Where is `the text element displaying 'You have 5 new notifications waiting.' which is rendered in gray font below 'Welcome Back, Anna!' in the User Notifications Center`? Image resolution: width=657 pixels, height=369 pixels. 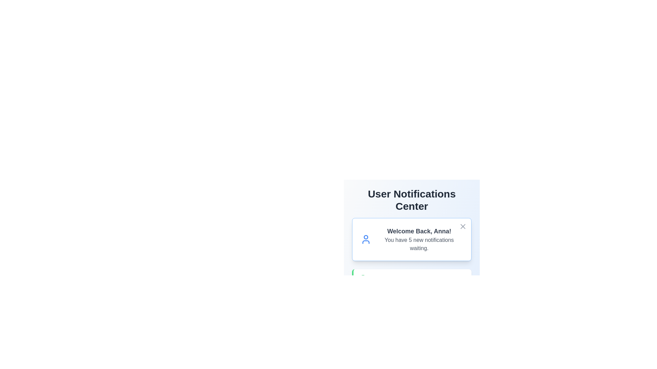 the text element displaying 'You have 5 new notifications waiting.' which is rendered in gray font below 'Welcome Back, Anna!' in the User Notifications Center is located at coordinates (419, 244).